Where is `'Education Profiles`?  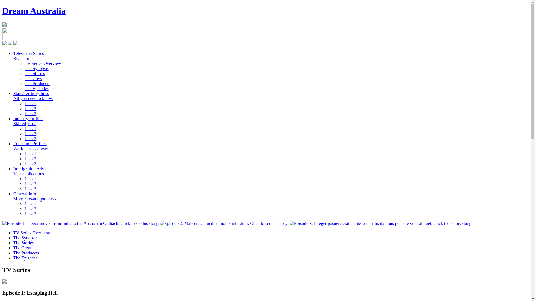 'Education Profiles is located at coordinates (31, 146).